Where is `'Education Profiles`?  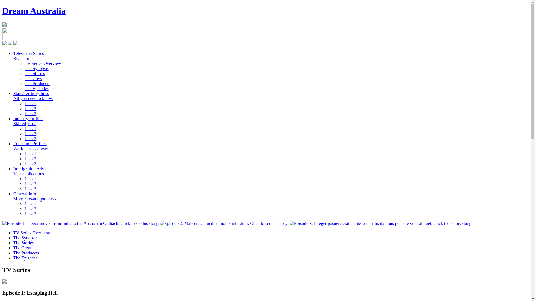 'Education Profiles is located at coordinates (31, 146).